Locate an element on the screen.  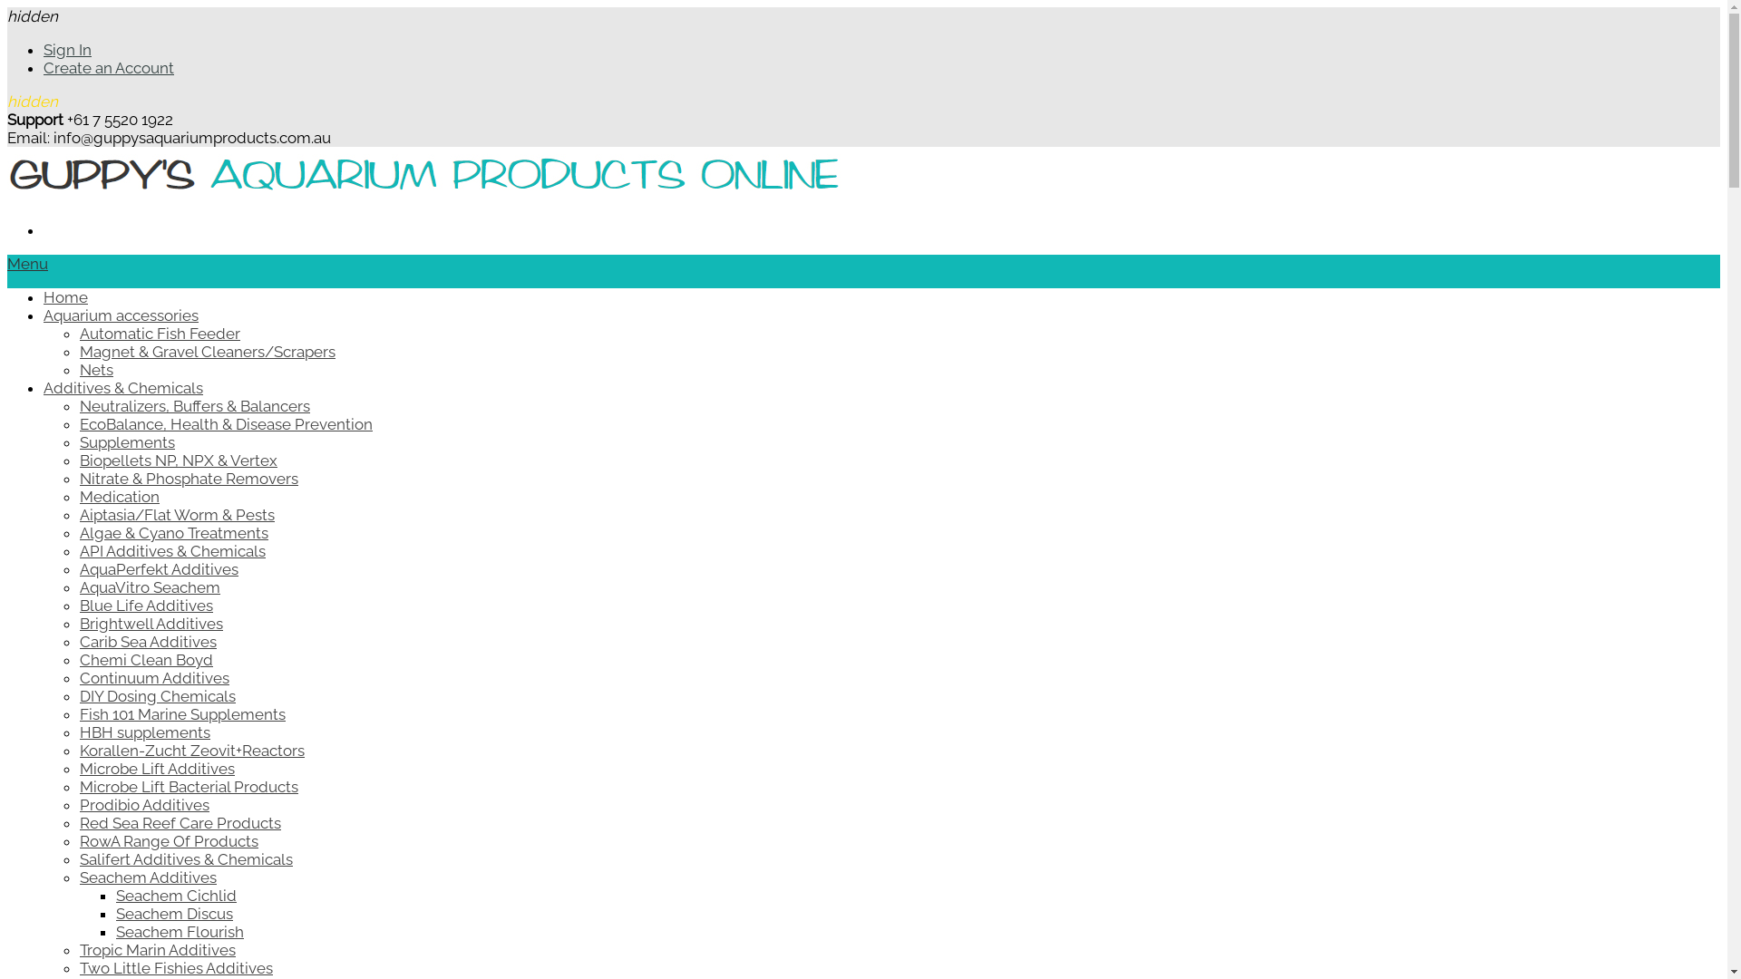
'Seachem Discus' is located at coordinates (174, 913).